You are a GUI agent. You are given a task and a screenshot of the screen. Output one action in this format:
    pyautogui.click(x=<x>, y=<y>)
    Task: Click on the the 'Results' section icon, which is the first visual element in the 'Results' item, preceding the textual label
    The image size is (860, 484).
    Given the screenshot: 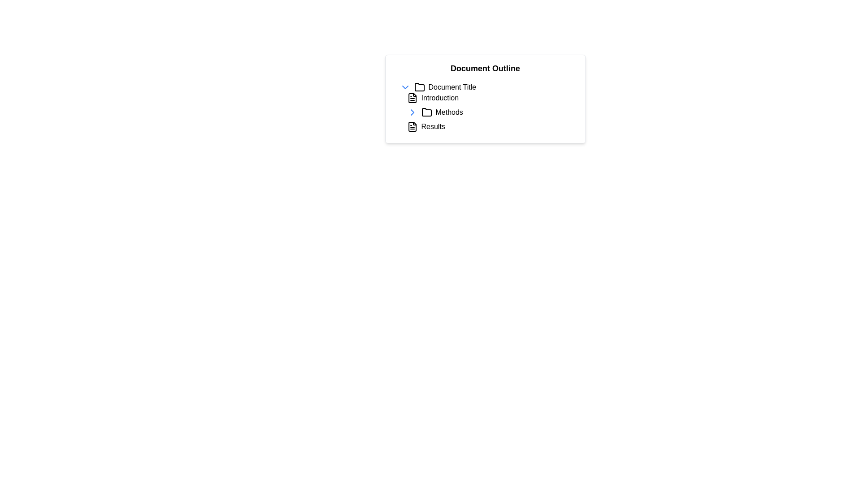 What is the action you would take?
    pyautogui.click(x=412, y=126)
    